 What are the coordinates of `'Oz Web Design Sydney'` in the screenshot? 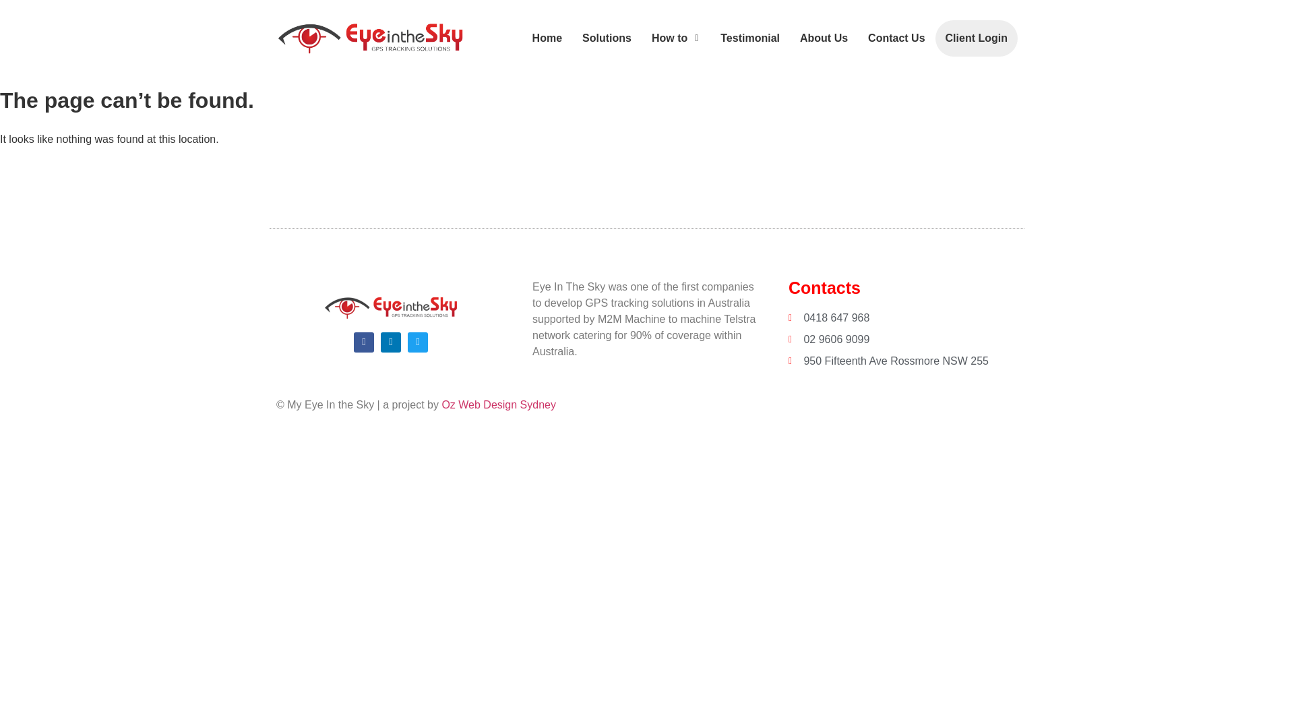 It's located at (497, 404).